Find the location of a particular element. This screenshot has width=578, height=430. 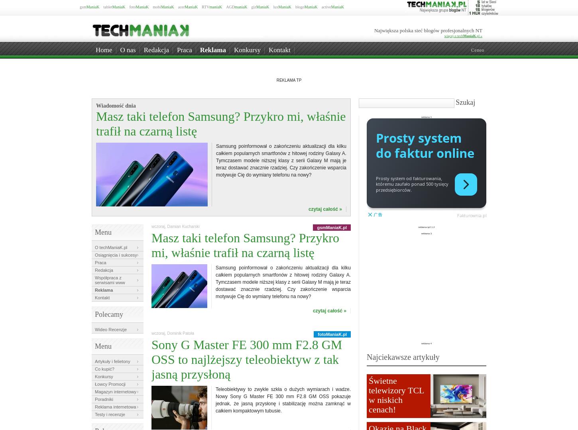

'REKLAMA TP' is located at coordinates (275, 80).